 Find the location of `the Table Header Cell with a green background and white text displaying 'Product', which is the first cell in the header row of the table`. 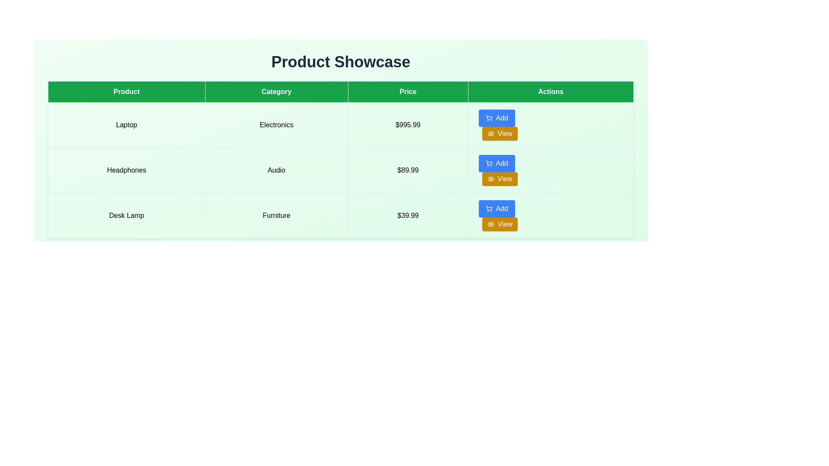

the Table Header Cell with a green background and white text displaying 'Product', which is the first cell in the header row of the table is located at coordinates (126, 91).